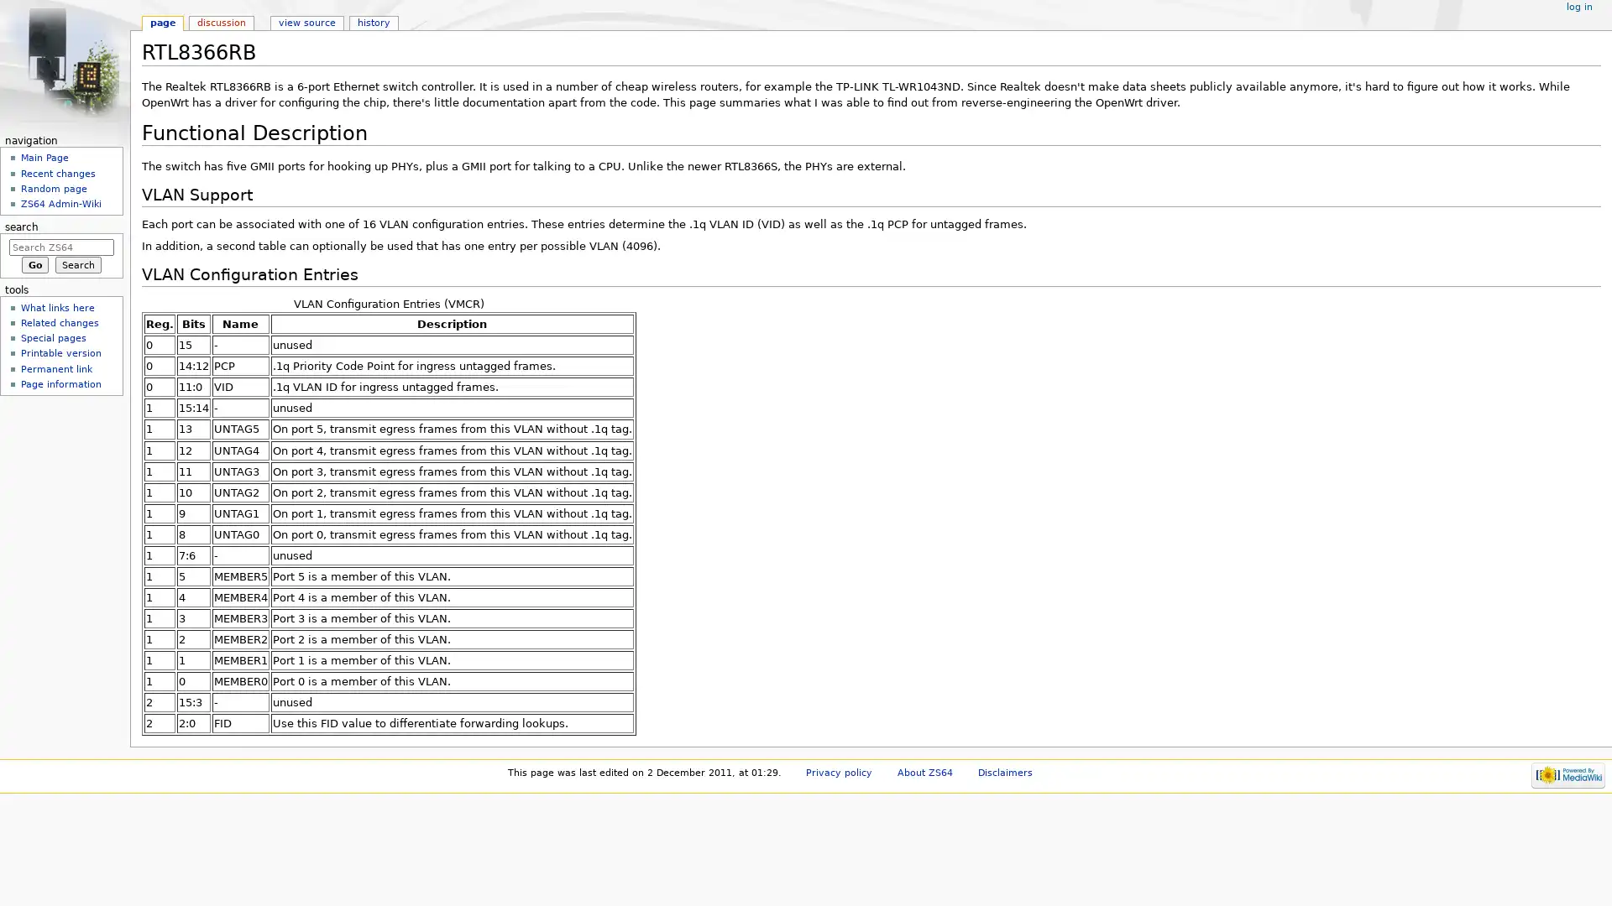 Image resolution: width=1612 pixels, height=906 pixels. Describe the element at coordinates (77, 264) in the screenshot. I see `Search` at that location.